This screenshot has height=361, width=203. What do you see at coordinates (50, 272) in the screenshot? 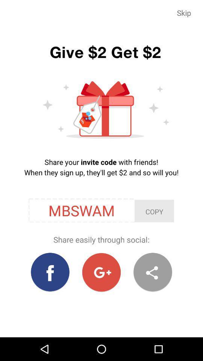
I see `the icon below the share easily through` at bounding box center [50, 272].